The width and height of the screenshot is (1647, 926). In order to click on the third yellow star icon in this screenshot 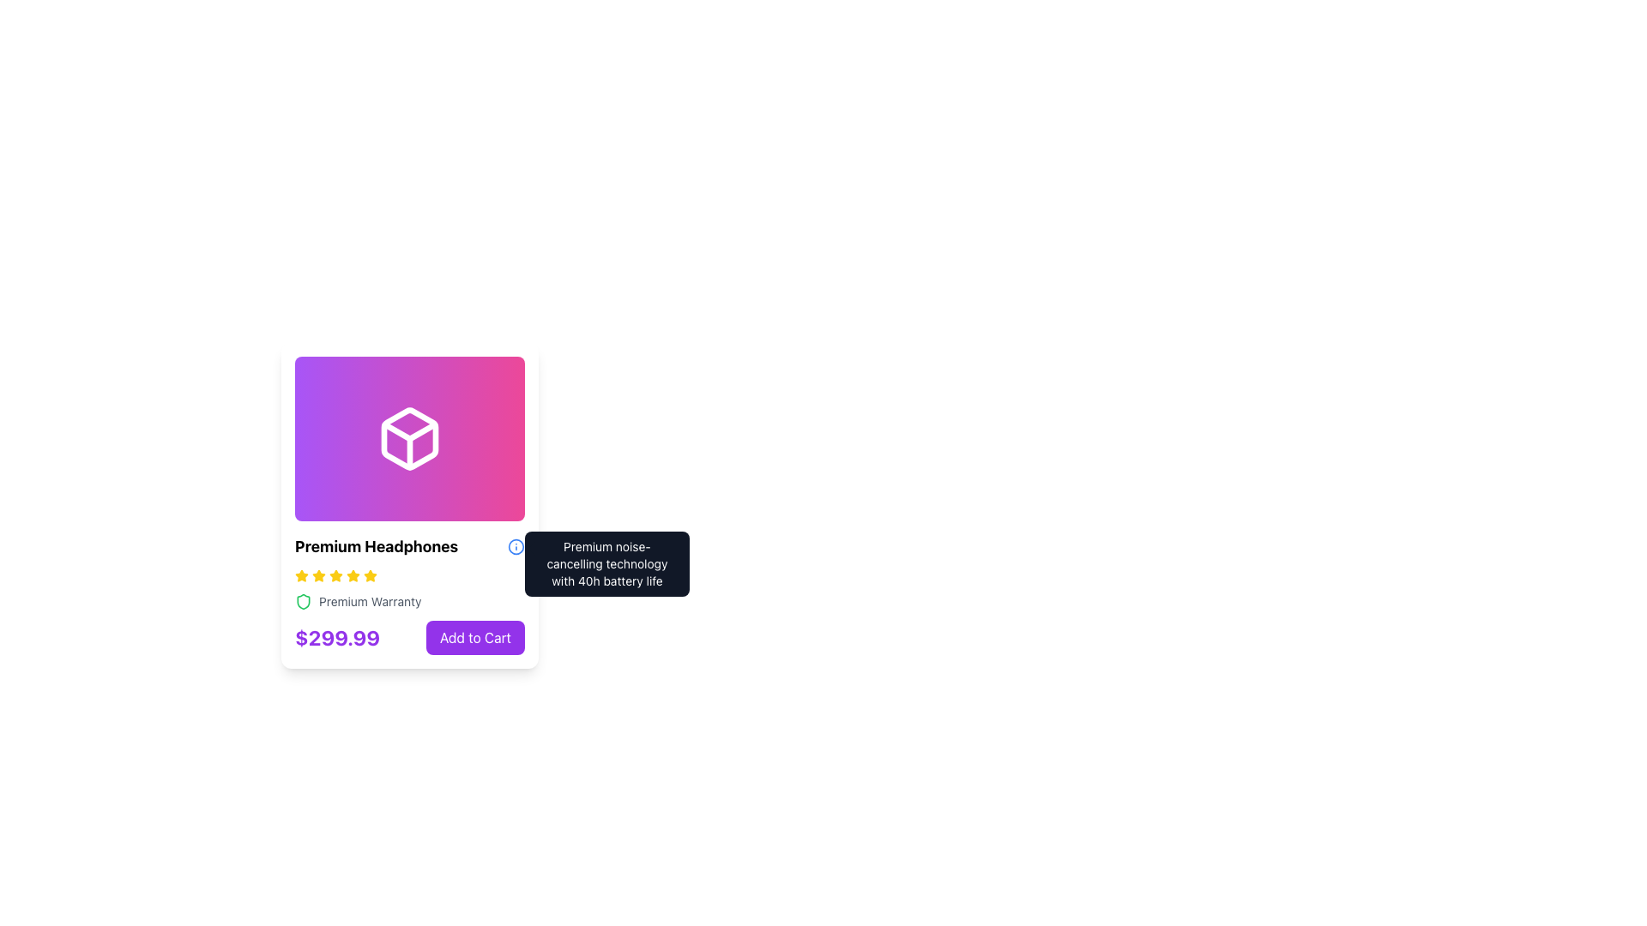, I will do `click(319, 575)`.